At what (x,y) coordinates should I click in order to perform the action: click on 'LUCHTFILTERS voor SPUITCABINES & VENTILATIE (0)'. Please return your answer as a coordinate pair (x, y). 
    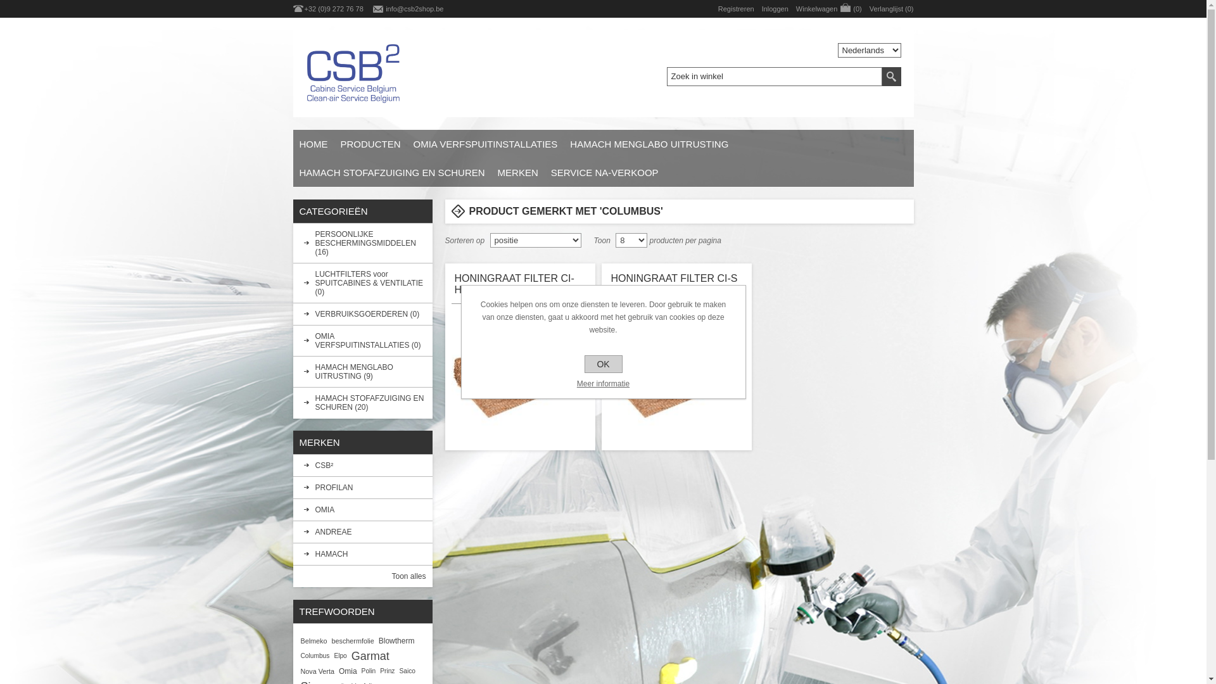
    Looking at the image, I should click on (361, 282).